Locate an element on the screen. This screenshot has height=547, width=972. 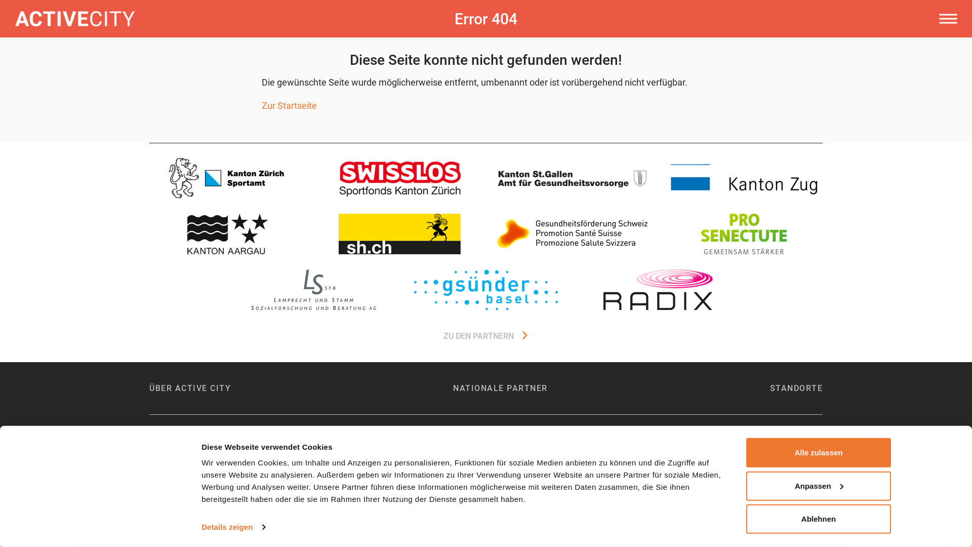
'Kanton Schaffhausen' is located at coordinates (399, 234).